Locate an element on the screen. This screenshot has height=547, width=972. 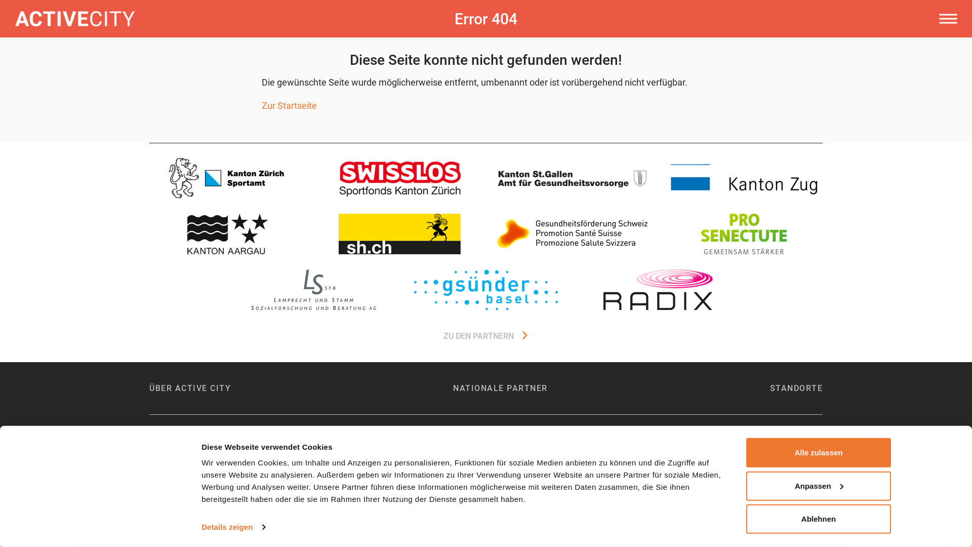
'Kanton Schaffhausen' is located at coordinates (399, 234).